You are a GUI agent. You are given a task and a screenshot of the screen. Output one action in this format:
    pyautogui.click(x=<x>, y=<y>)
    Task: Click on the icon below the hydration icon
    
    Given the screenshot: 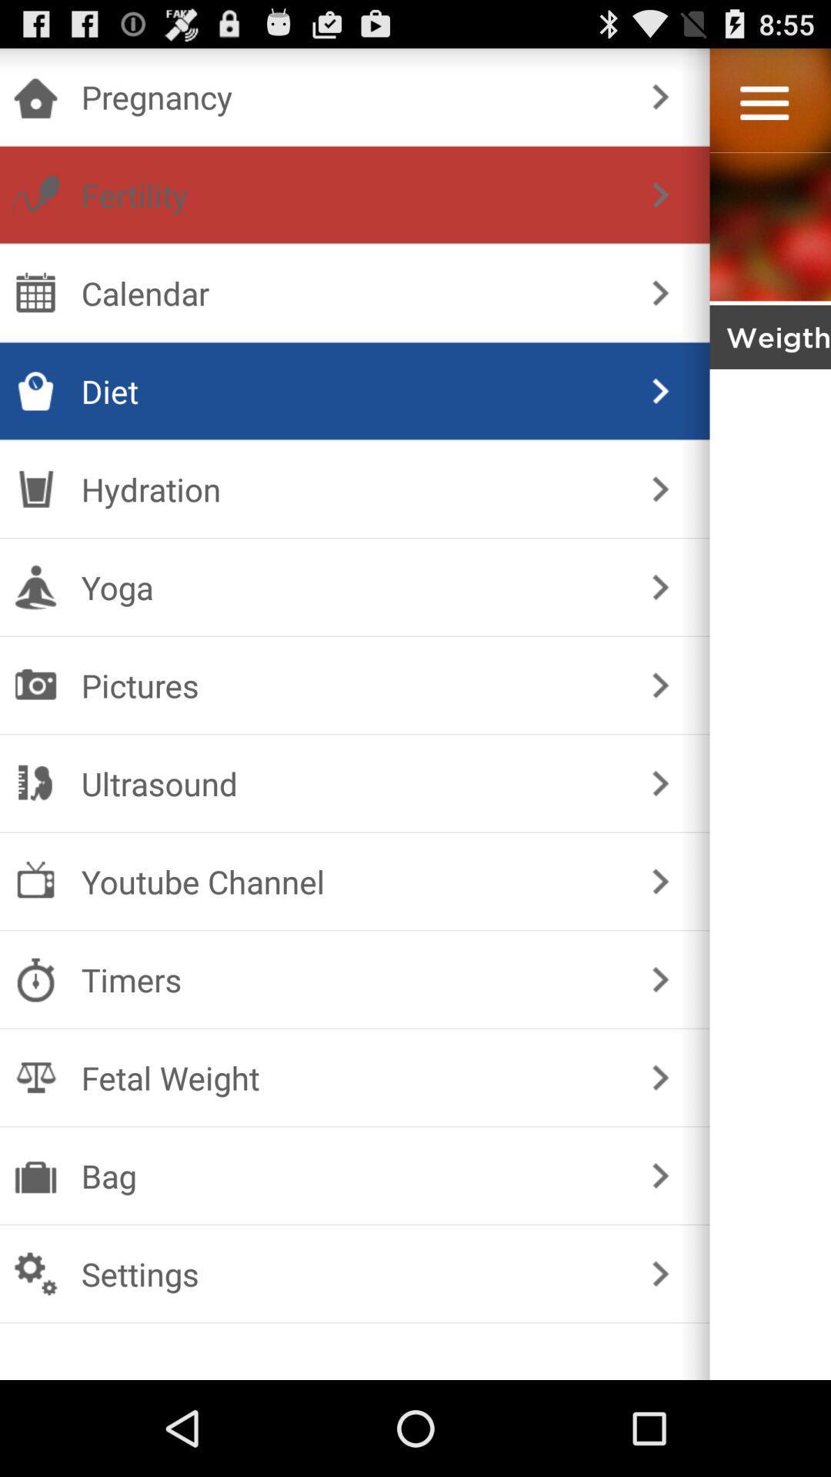 What is the action you would take?
    pyautogui.click(x=352, y=586)
    